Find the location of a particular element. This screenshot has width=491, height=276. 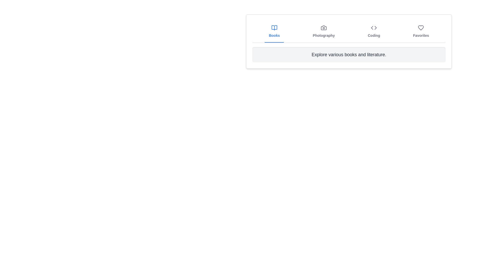

the text label displaying the word 'Coding', which is styled in a small-sized, bold font and is located at the top-center region of the interface, beneath a coding symbol icon is located at coordinates (374, 35).